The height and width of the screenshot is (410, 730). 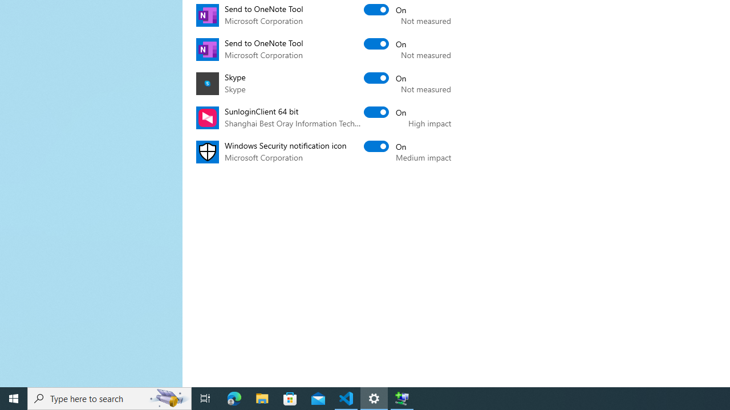 I want to click on 'Extensible Wizards Host Process - 1 running window', so click(x=402, y=397).